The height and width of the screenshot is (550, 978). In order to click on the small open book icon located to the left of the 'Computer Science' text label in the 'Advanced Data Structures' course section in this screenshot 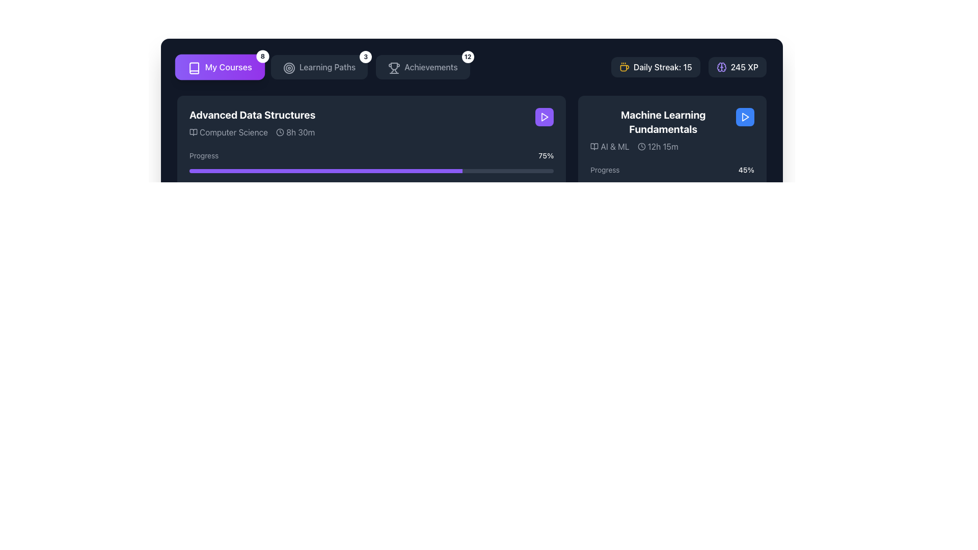, I will do `click(193, 131)`.